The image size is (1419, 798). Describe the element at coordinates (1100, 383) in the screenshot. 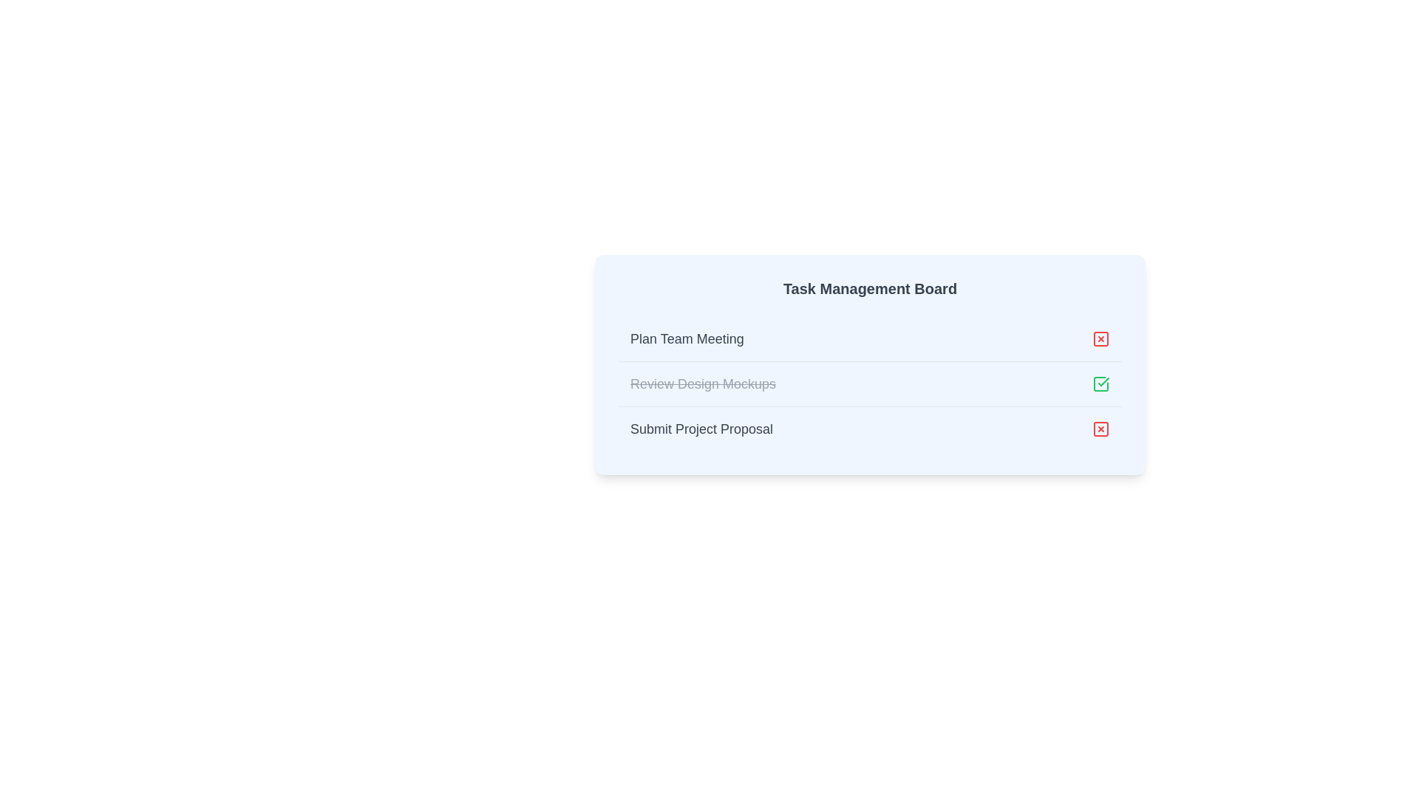

I see `the completion status by interacting with the green check icon indicating a completed task, located in the rightmost column of the second row under the 'Task Management Board' section` at that location.